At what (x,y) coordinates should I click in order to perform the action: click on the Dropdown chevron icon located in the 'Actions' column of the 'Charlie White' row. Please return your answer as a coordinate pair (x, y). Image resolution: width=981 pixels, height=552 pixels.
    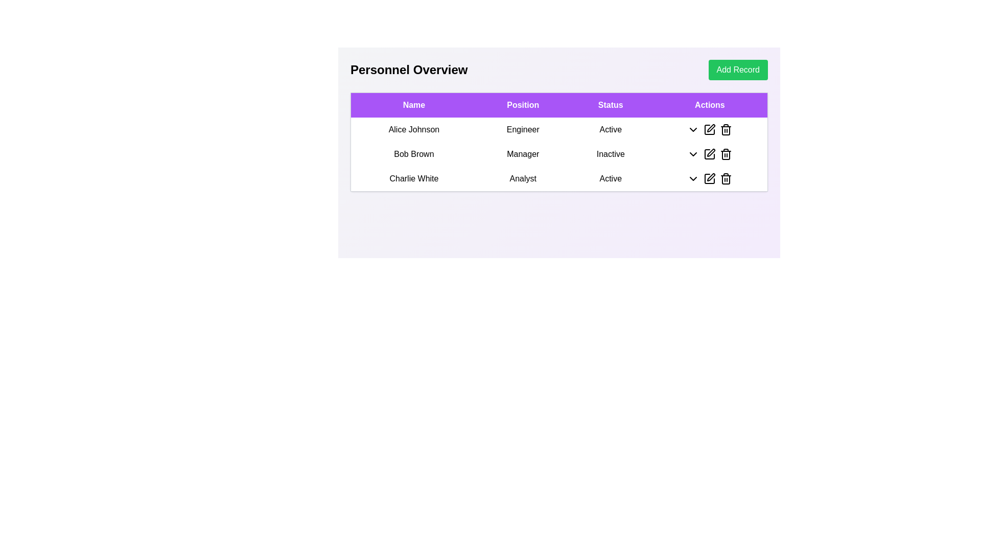
    Looking at the image, I should click on (693, 178).